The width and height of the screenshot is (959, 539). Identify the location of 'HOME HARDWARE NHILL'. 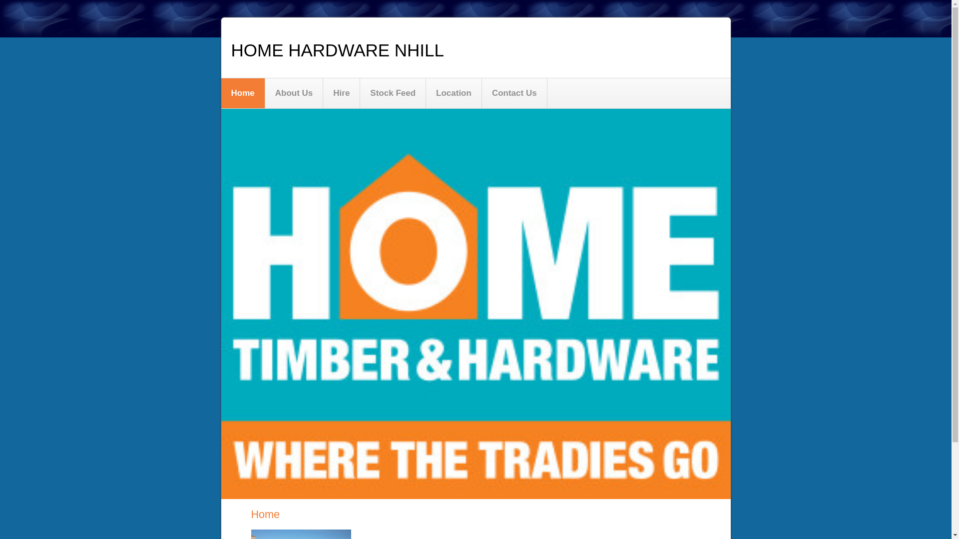
(337, 50).